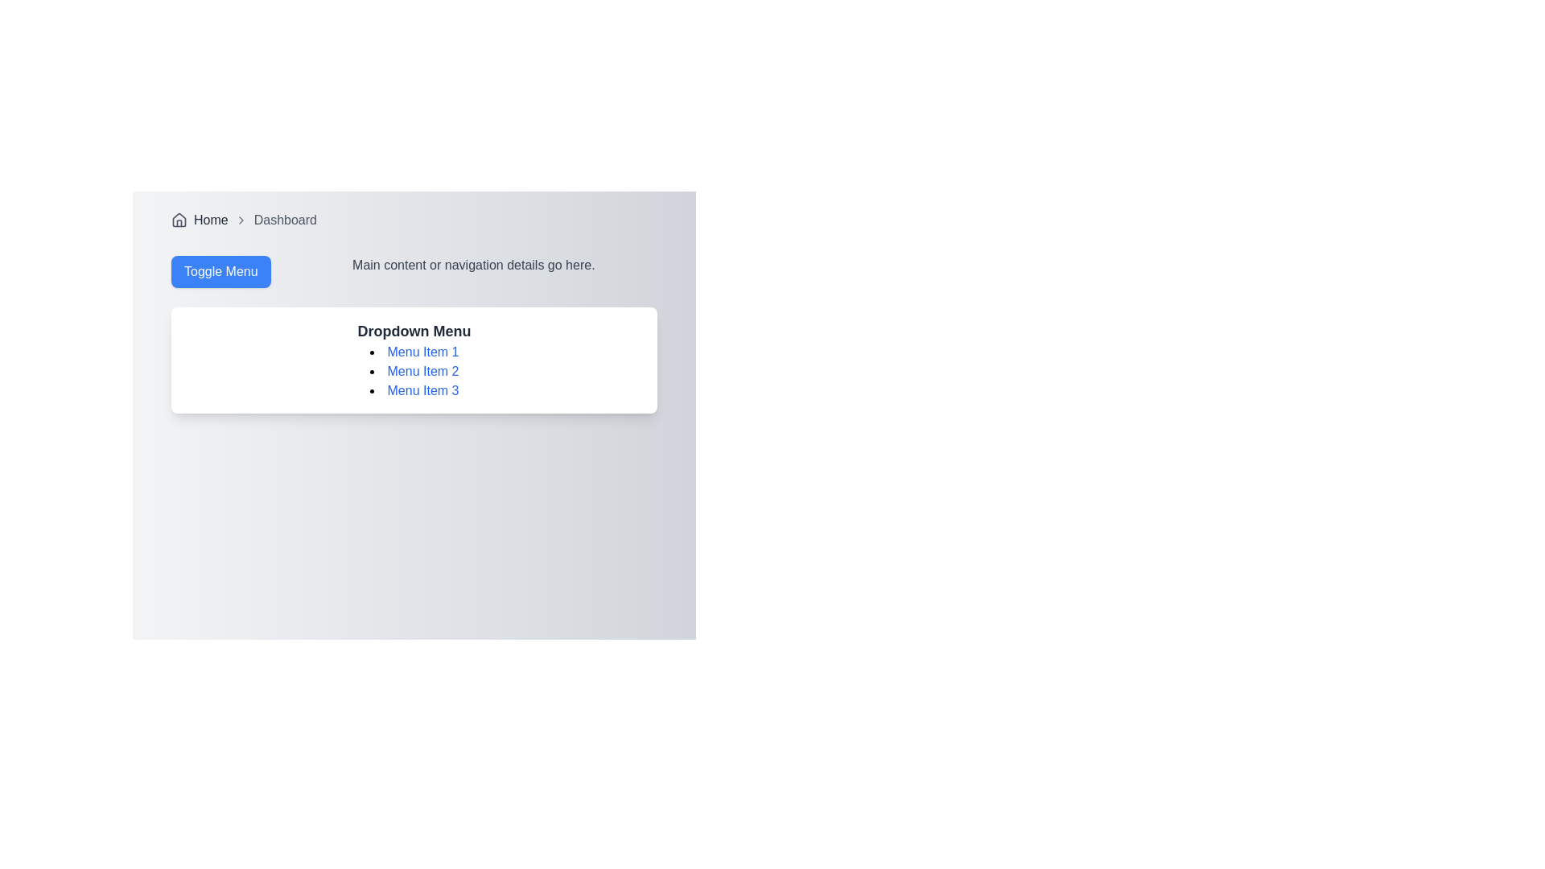 The height and width of the screenshot is (869, 1545). Describe the element at coordinates (414, 352) in the screenshot. I see `the first hyperlink in the 'Dropdown Menu'` at that location.